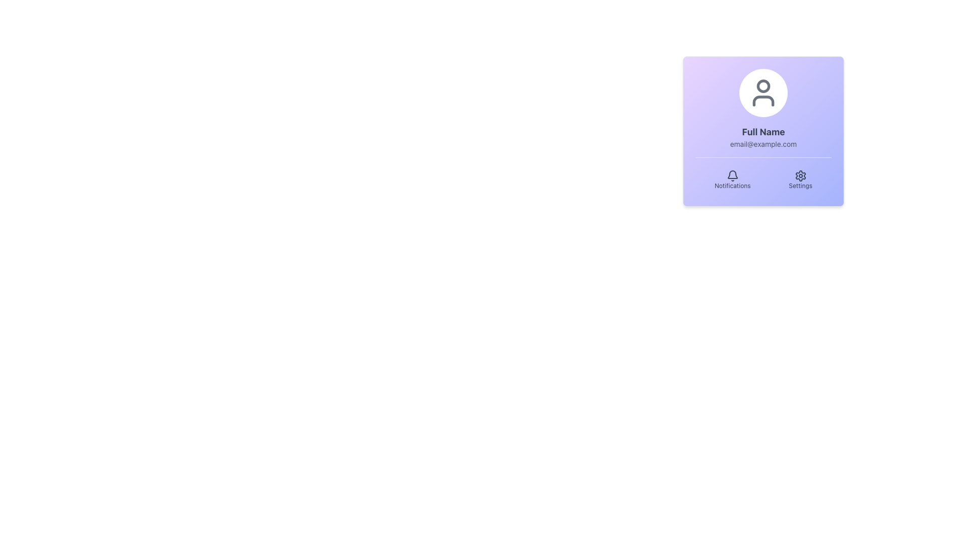 The width and height of the screenshot is (967, 543). I want to click on text label displaying the full name of the user, located in the center section of the profile card, directly below the user icon, so click(764, 131).